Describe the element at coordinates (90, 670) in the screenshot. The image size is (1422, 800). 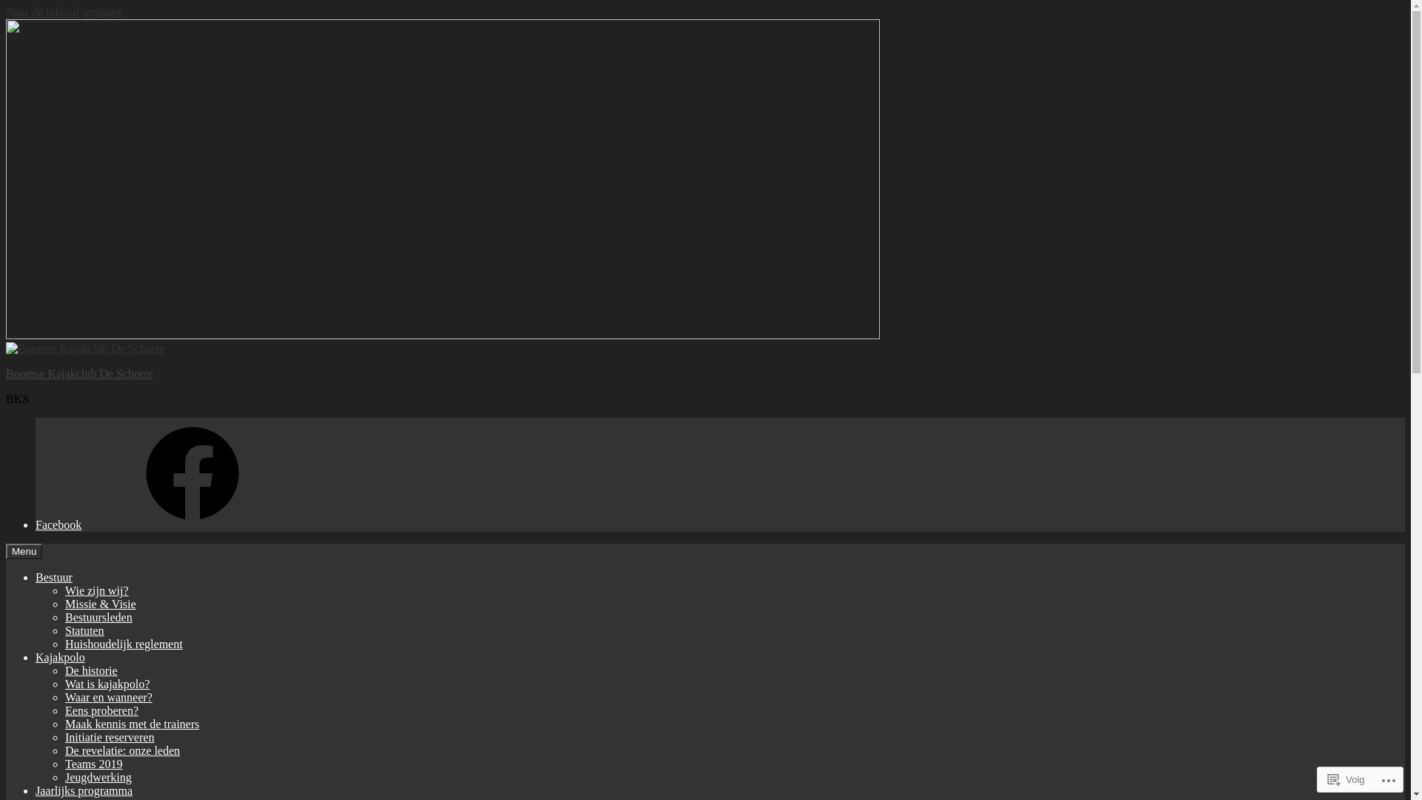
I see `'De historie'` at that location.